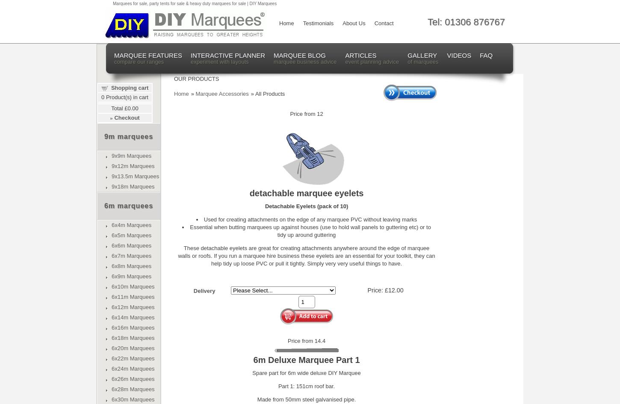 Image resolution: width=620 pixels, height=404 pixels. What do you see at coordinates (310, 231) in the screenshot?
I see `'Essential when butting marquees up against houses (use to hold wall panels to guttering etc) or to tidy up around guttering'` at bounding box center [310, 231].